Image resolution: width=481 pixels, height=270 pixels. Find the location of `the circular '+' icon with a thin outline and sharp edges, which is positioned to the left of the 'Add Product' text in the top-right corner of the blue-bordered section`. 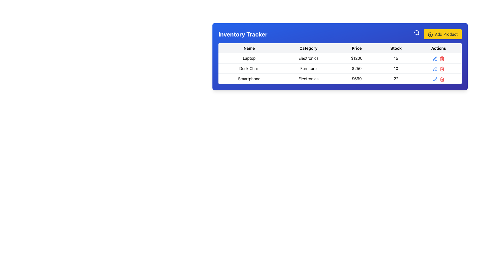

the circular '+' icon with a thin outline and sharp edges, which is positioned to the left of the 'Add Product' text in the top-right corner of the blue-bordered section is located at coordinates (430, 34).